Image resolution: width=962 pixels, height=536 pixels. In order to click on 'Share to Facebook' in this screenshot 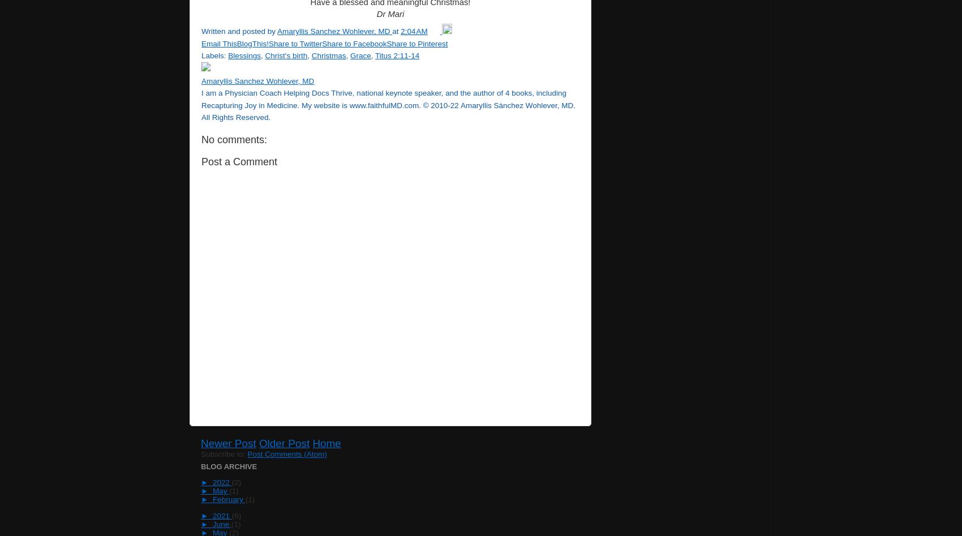, I will do `click(353, 43)`.